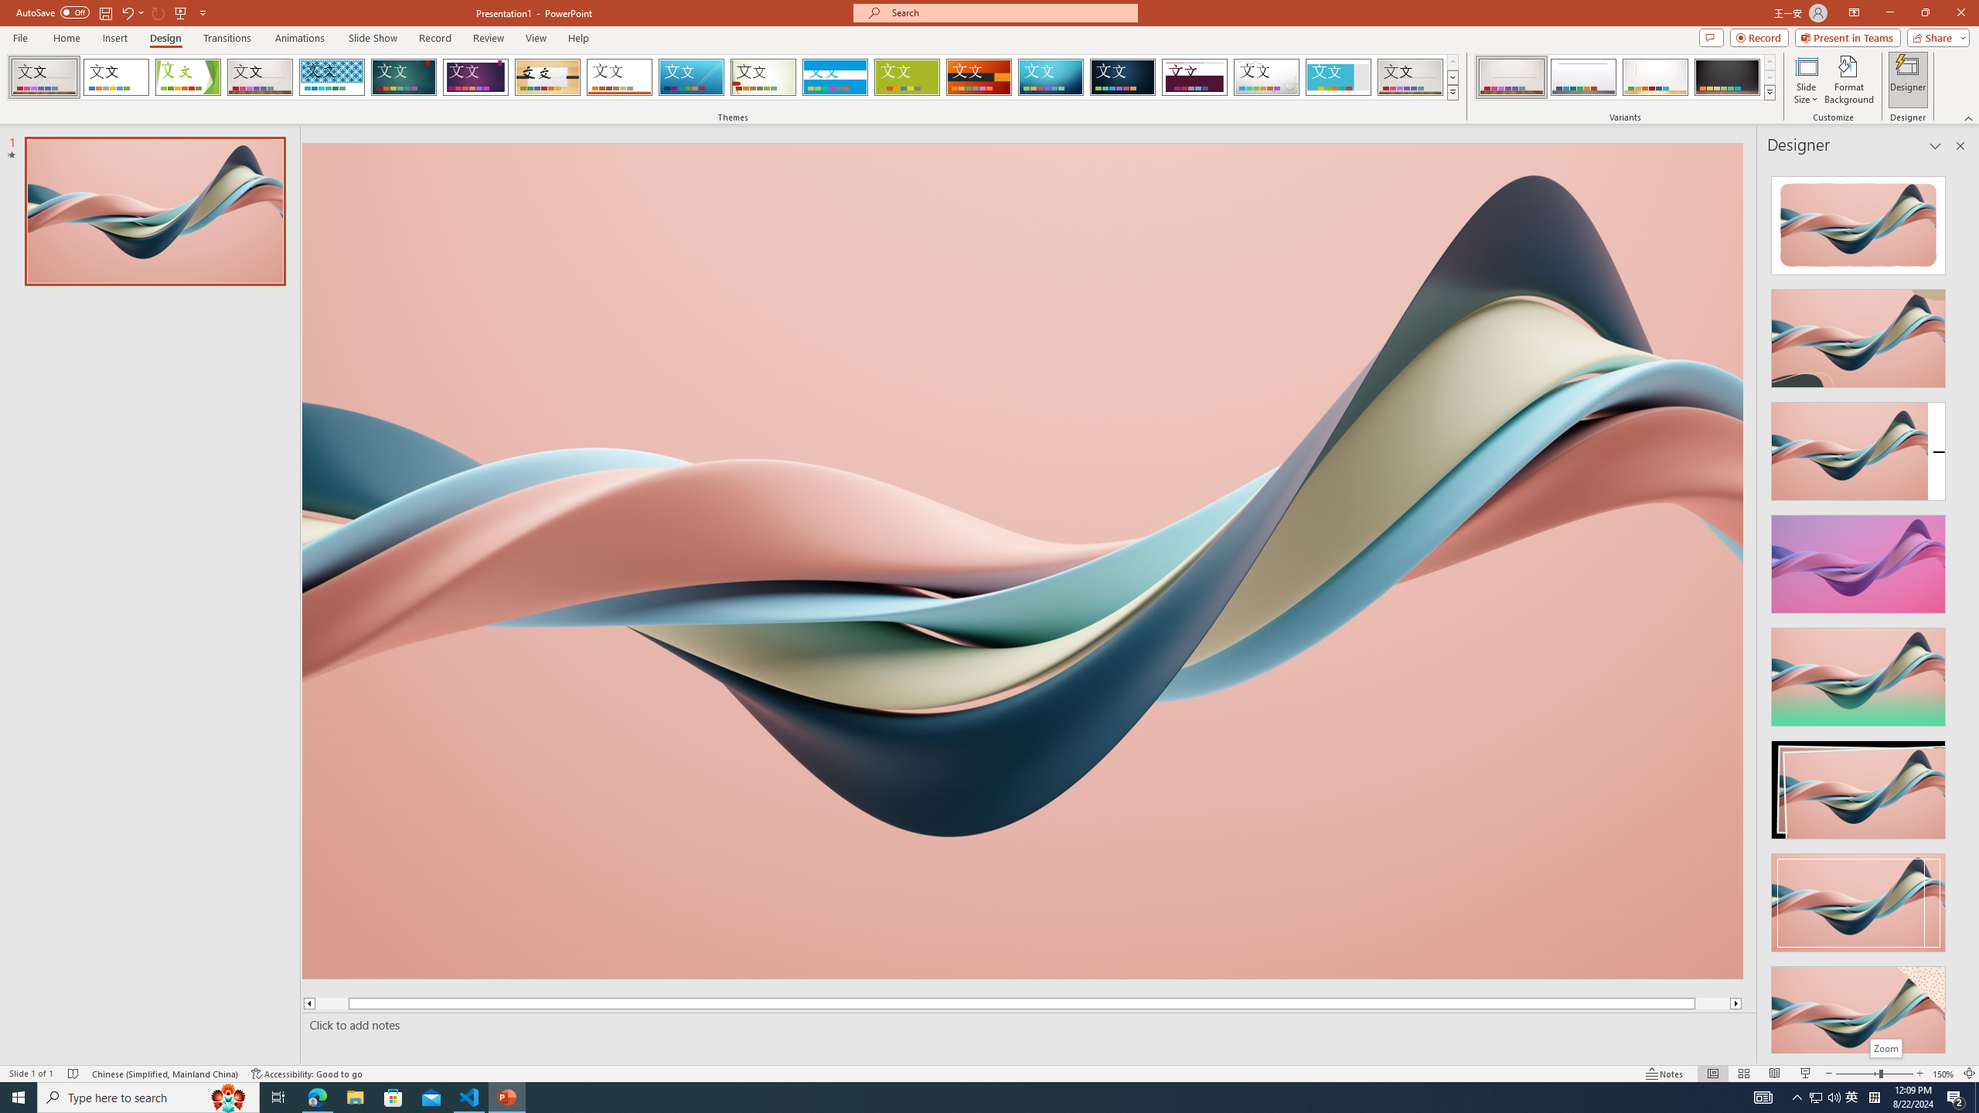 This screenshot has height=1113, width=1979. What do you see at coordinates (187, 77) in the screenshot?
I see `'Facet'` at bounding box center [187, 77].